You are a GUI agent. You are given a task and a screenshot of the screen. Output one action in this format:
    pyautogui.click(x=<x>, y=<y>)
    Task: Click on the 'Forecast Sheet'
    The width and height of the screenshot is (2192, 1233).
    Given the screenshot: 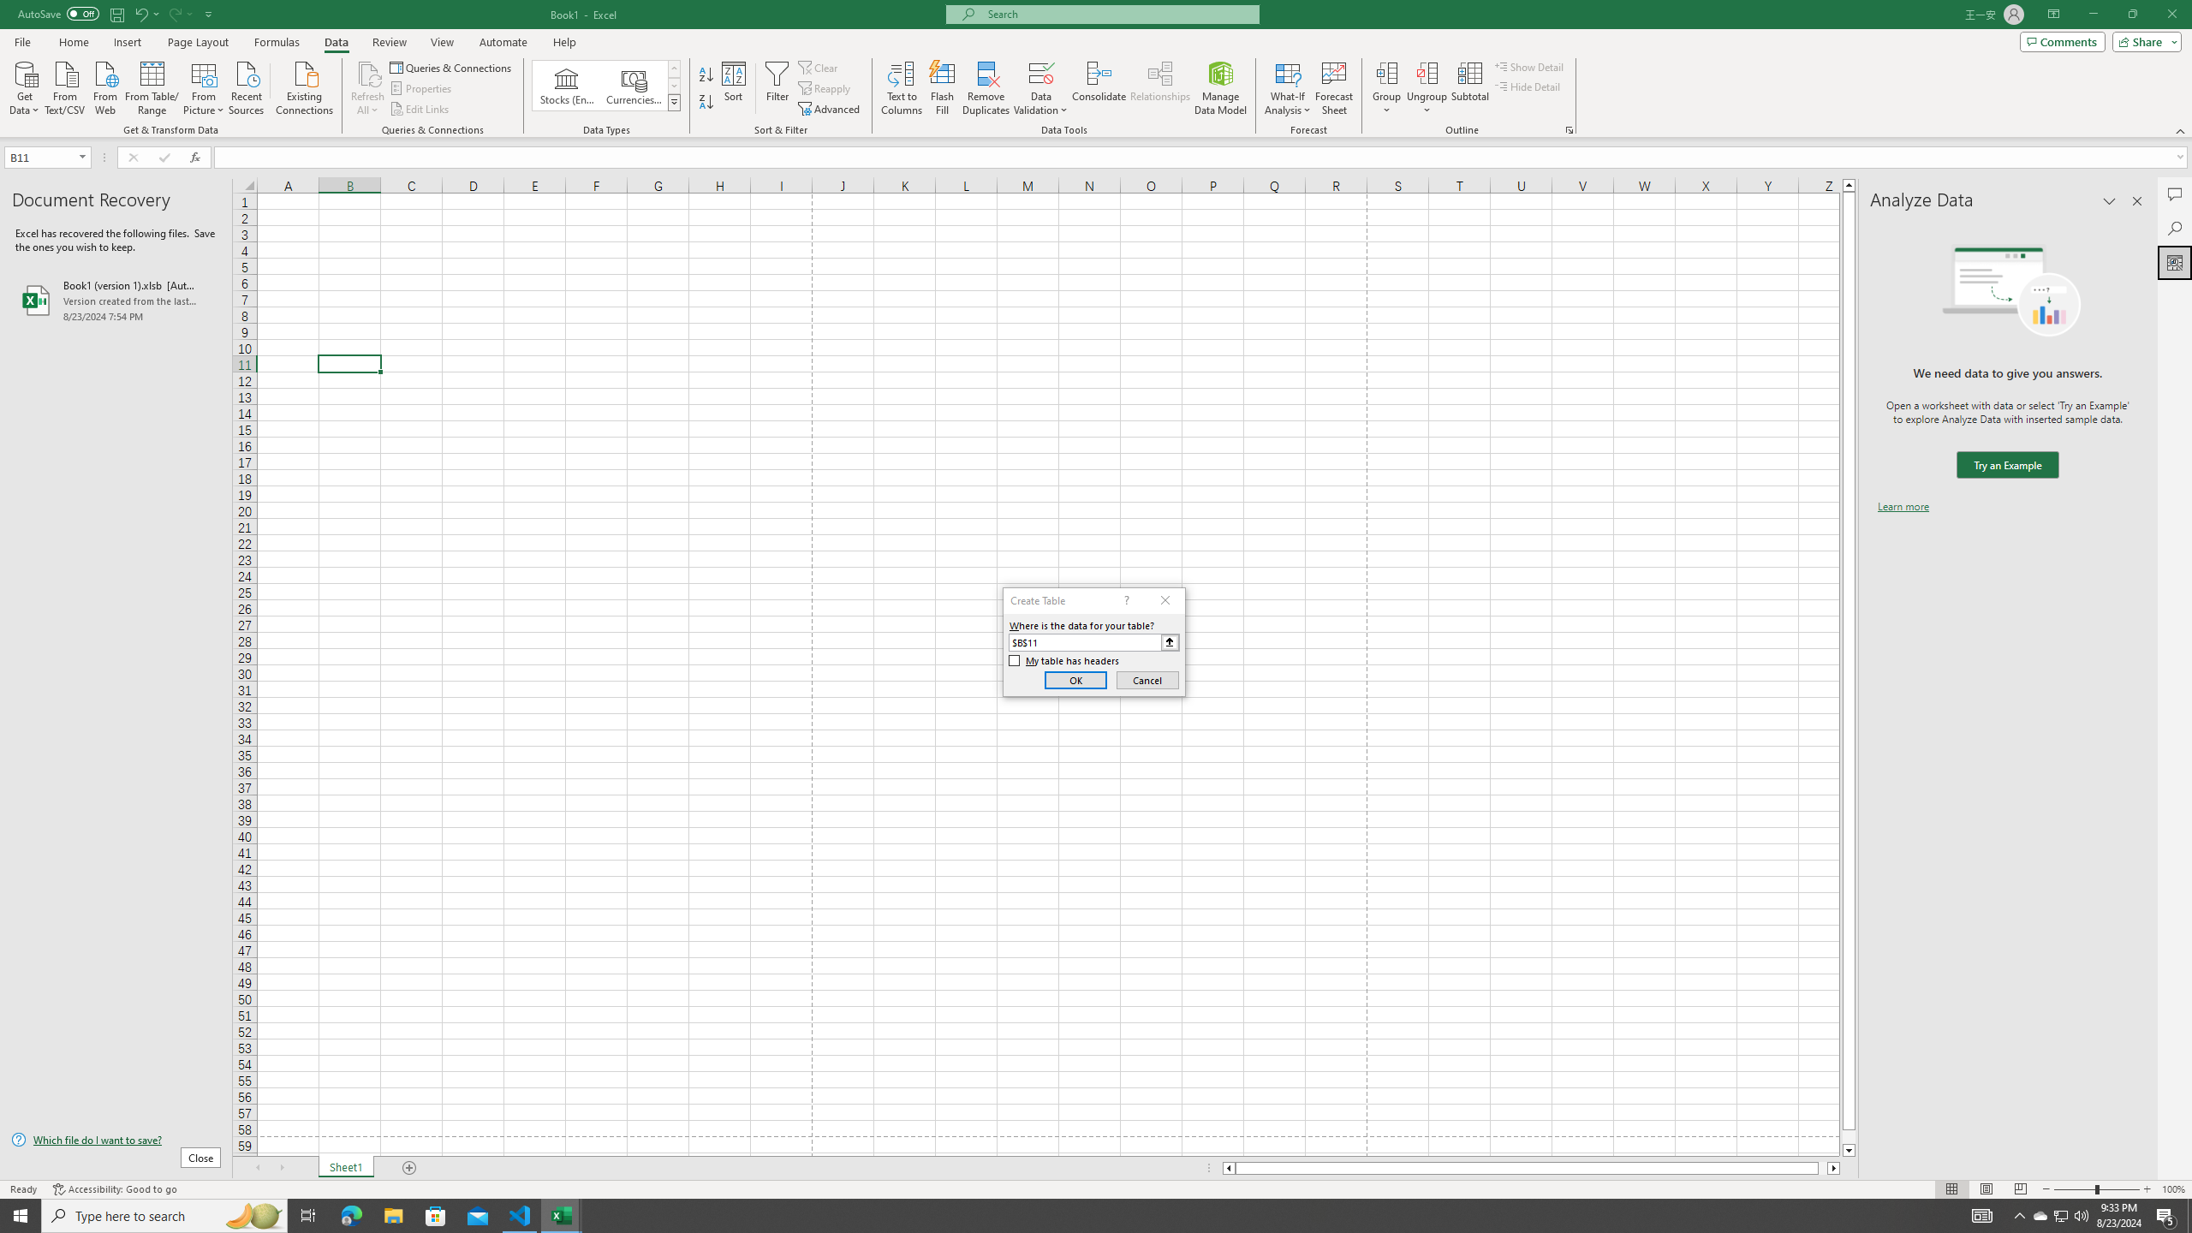 What is the action you would take?
    pyautogui.click(x=1333, y=88)
    